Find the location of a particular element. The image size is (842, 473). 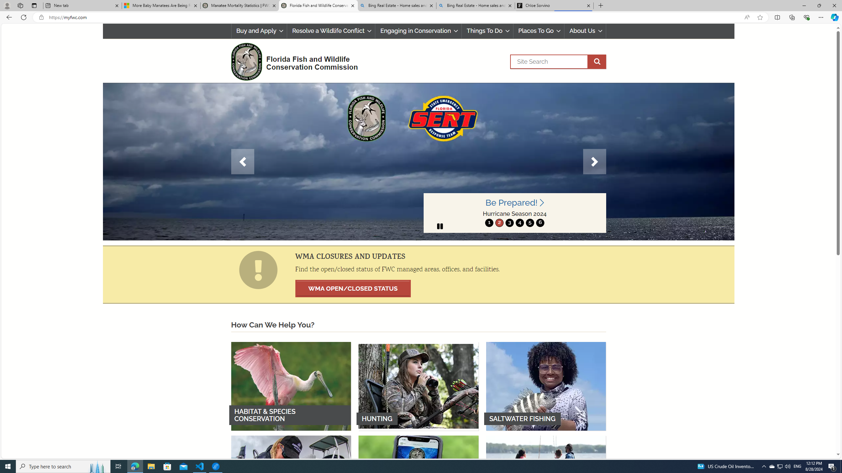

'Be Prepared! ' is located at coordinates (515, 202).